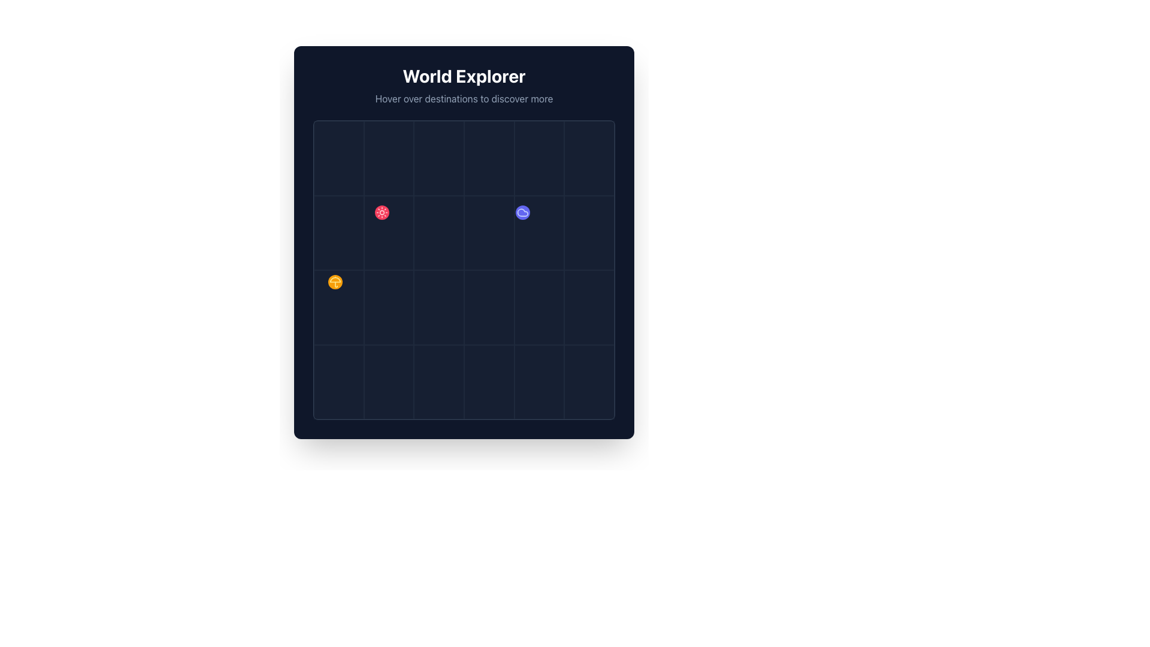  What do you see at coordinates (489, 382) in the screenshot?
I see `the grid cell located in the fourth column of the fourth row within the 'World Explorer' interface` at bounding box center [489, 382].